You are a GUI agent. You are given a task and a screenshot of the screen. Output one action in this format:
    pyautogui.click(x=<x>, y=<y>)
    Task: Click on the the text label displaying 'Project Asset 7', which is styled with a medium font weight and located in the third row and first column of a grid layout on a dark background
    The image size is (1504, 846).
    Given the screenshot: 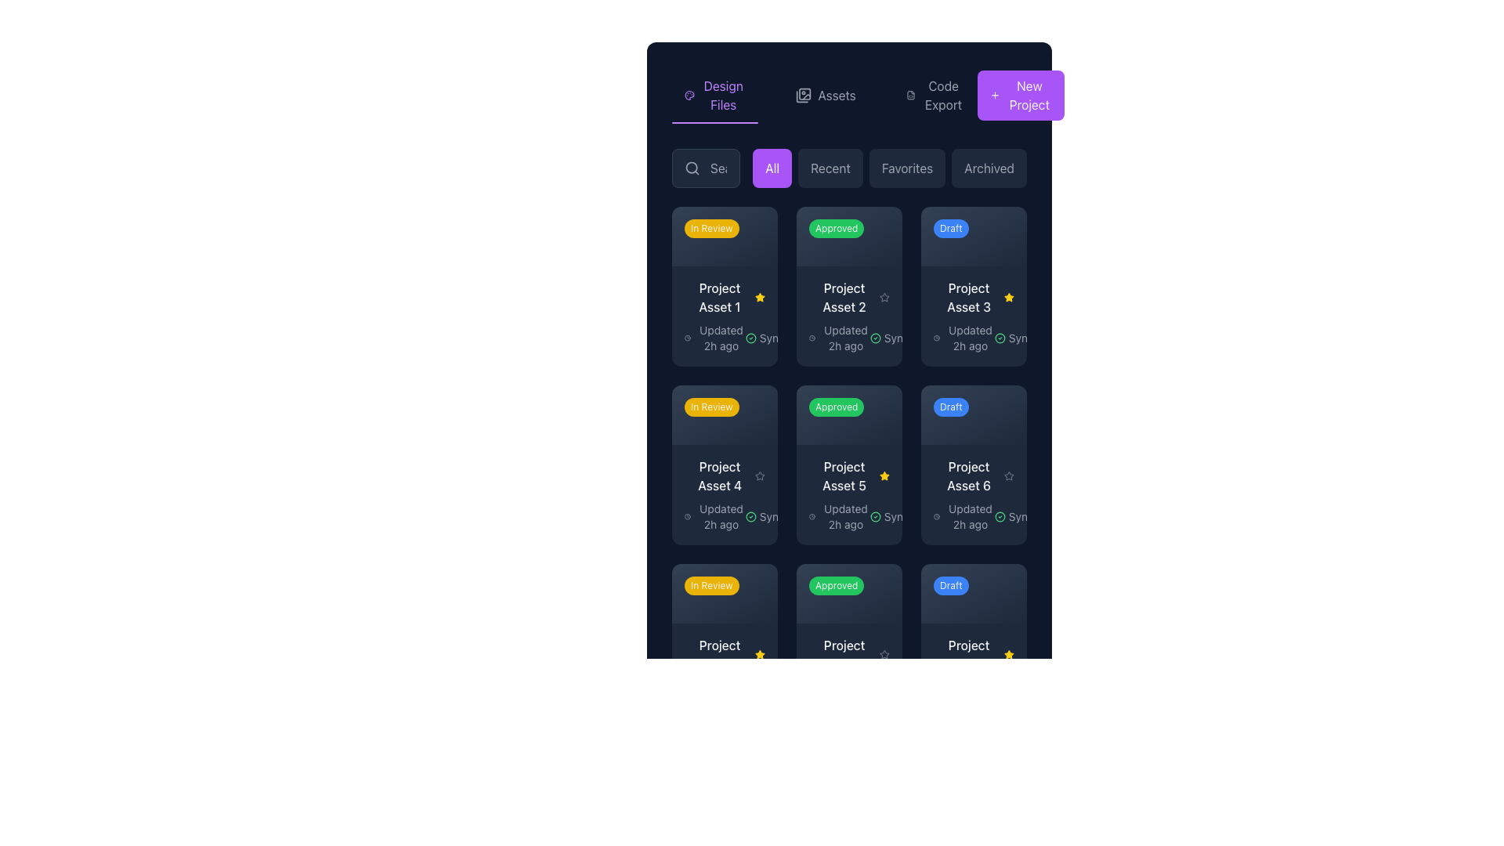 What is the action you would take?
    pyautogui.click(x=719, y=654)
    